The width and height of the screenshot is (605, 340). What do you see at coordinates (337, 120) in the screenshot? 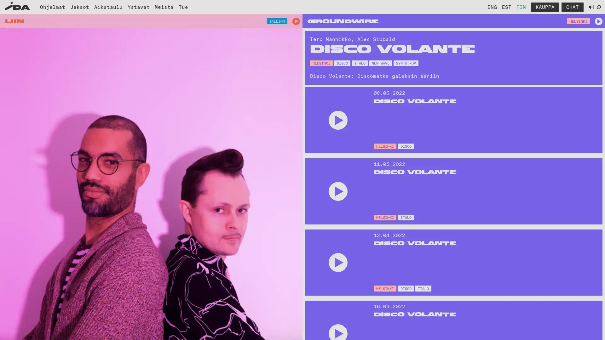
I see `Play` at bounding box center [337, 120].